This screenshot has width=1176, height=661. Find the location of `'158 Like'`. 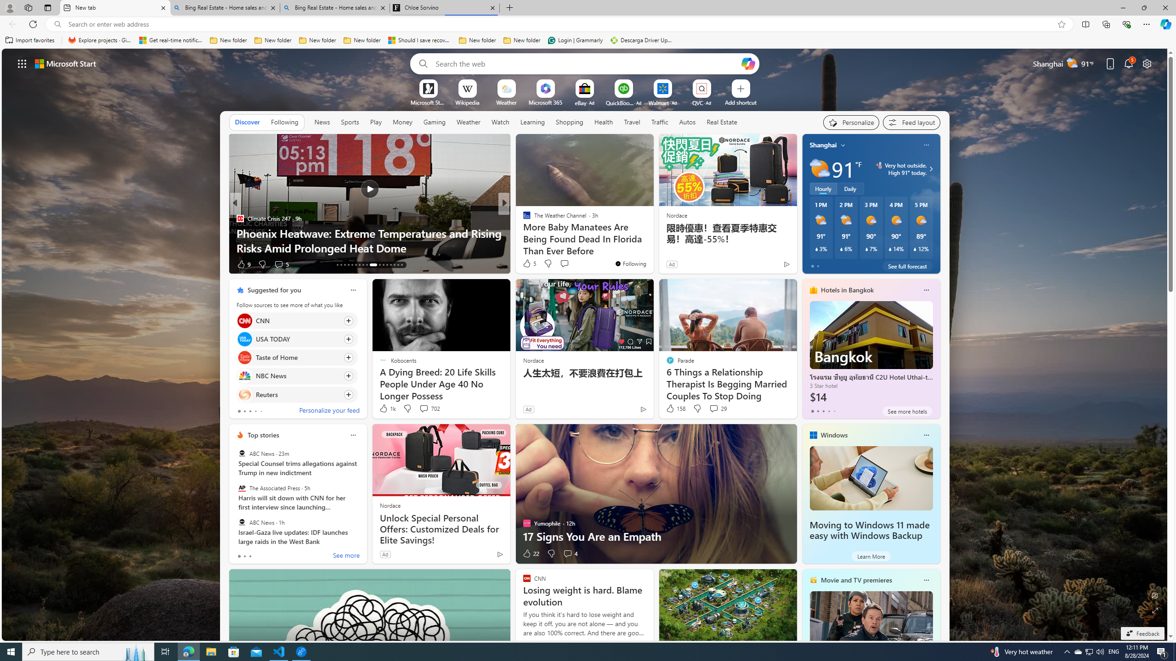

'158 Like' is located at coordinates (674, 408).